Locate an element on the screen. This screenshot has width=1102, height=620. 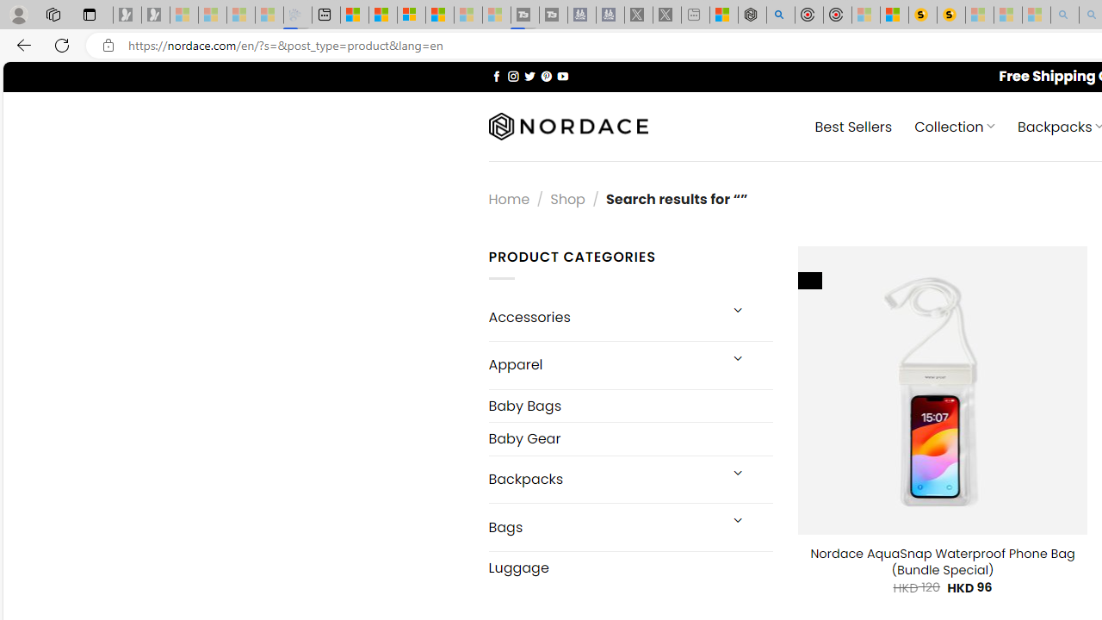
'Refresh' is located at coordinates (62, 44).